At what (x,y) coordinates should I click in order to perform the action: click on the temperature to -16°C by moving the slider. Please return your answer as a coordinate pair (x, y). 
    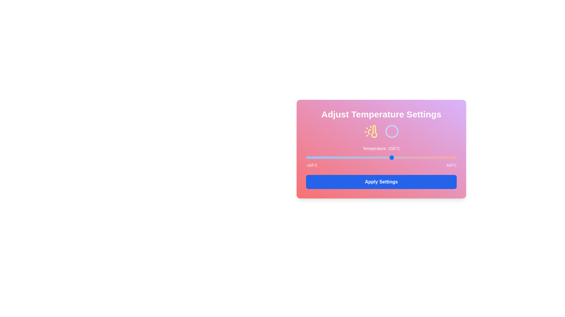
    Looking at the image, I should click on (314, 157).